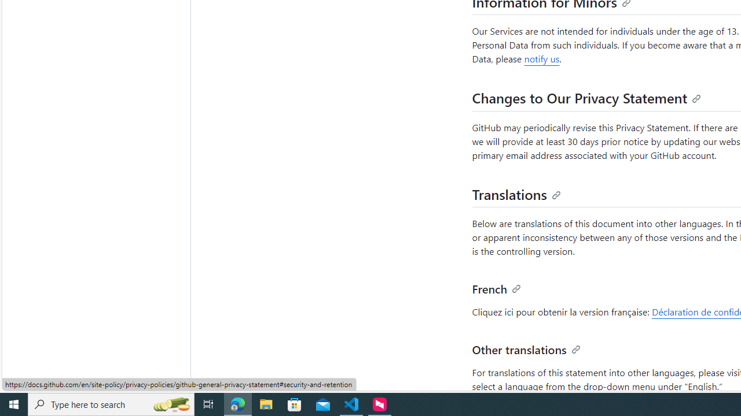 The width and height of the screenshot is (741, 416). What do you see at coordinates (516, 193) in the screenshot?
I see `'Translations'` at bounding box center [516, 193].